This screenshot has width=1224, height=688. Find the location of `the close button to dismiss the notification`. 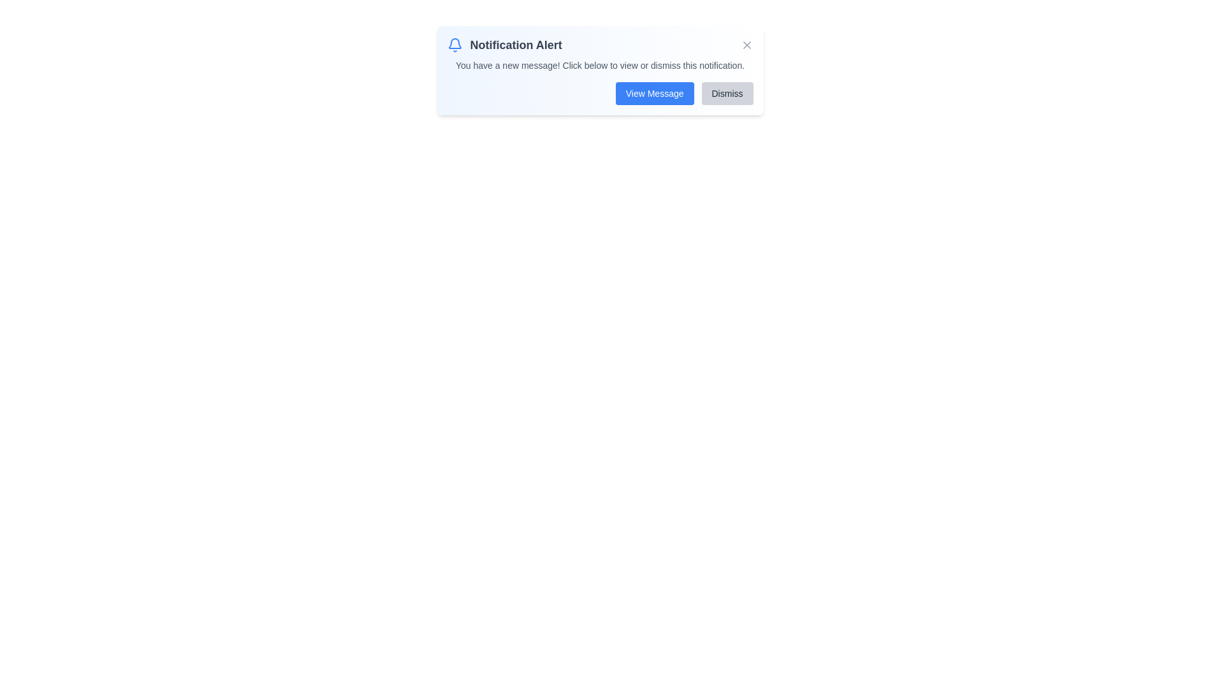

the close button to dismiss the notification is located at coordinates (747, 44).